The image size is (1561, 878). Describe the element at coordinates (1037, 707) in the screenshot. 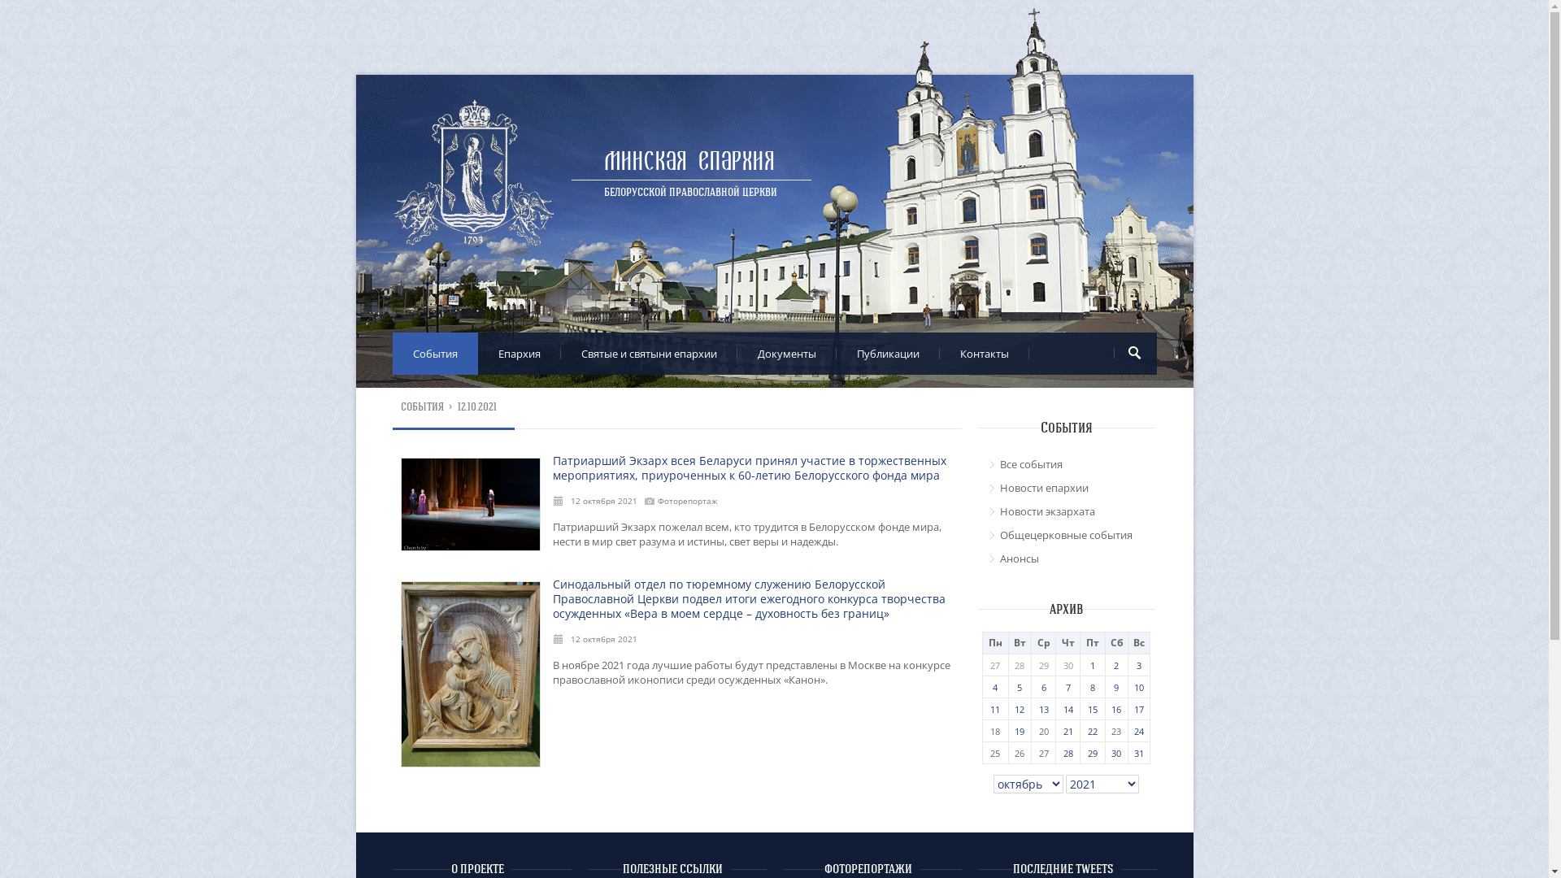

I see `'13'` at that location.